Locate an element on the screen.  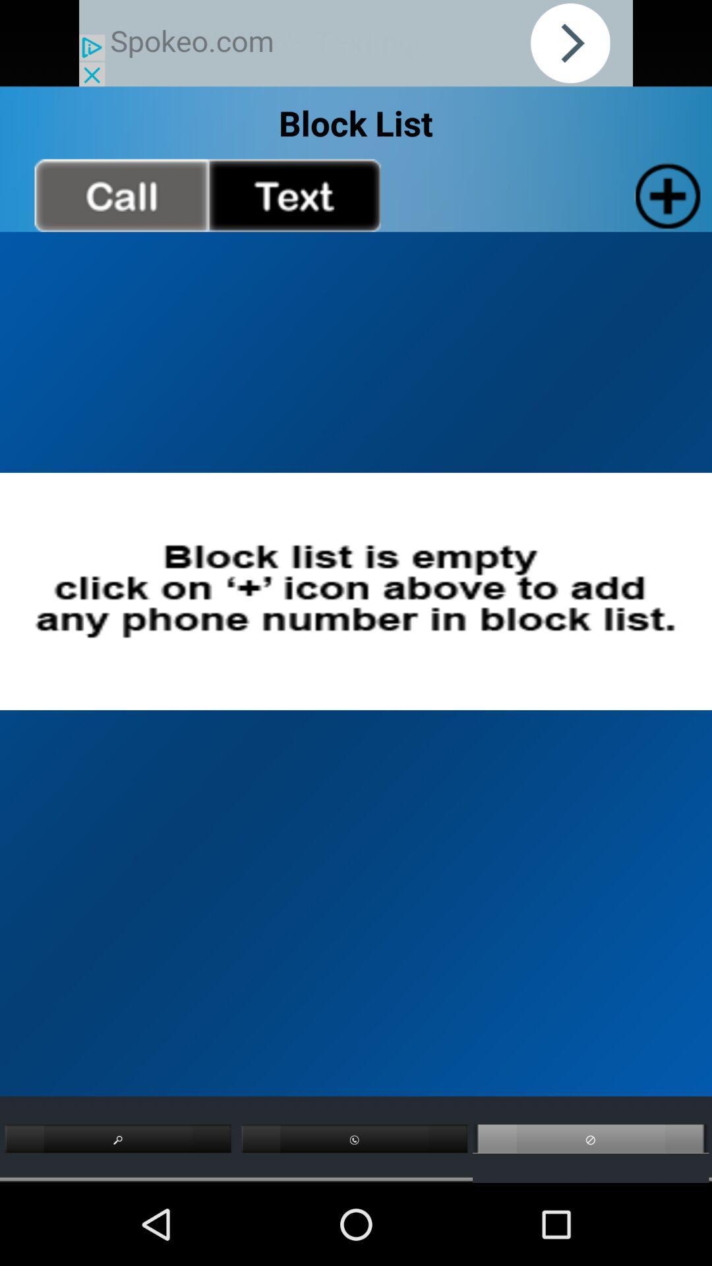
the add icon is located at coordinates (665, 208).